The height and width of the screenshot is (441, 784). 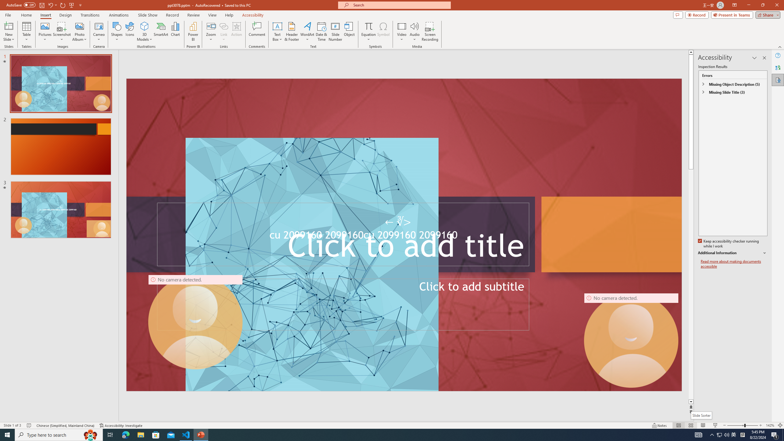 What do you see at coordinates (26, 15) in the screenshot?
I see `'Home'` at bounding box center [26, 15].